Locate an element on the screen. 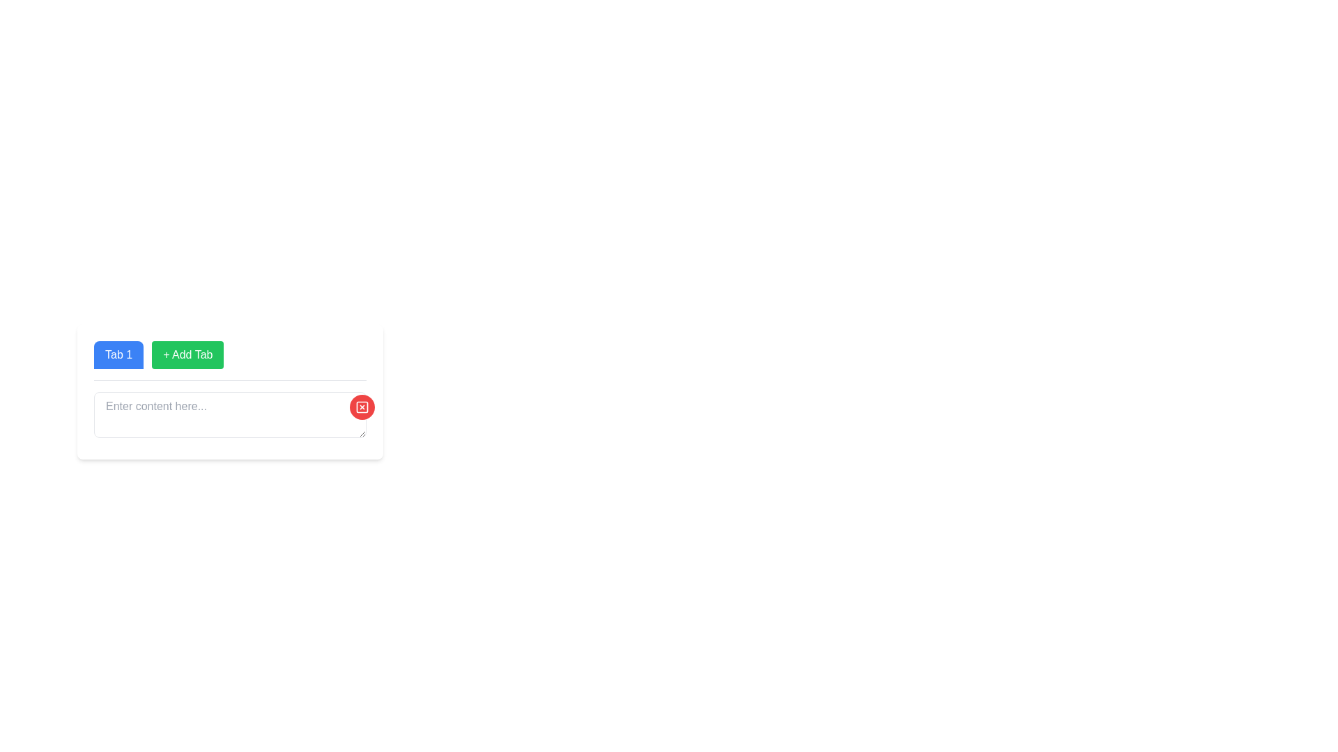  the first tab selector to switch to the content associated with 'Tab 1' is located at coordinates (118, 354).